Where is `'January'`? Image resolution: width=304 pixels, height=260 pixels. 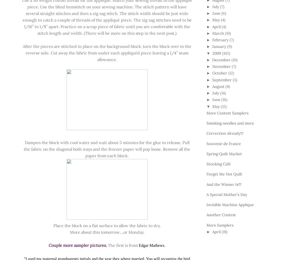 'January' is located at coordinates (219, 46).